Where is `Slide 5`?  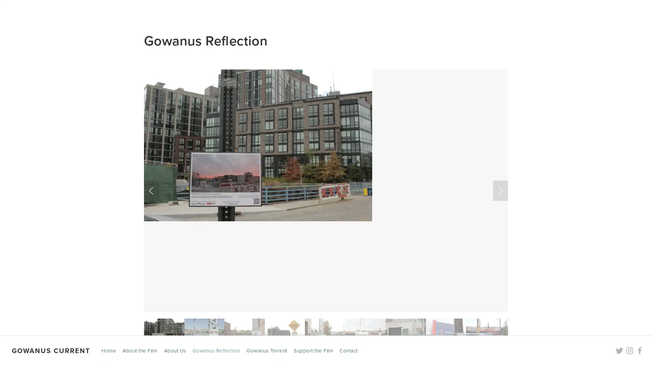 Slide 5 is located at coordinates (324, 331).